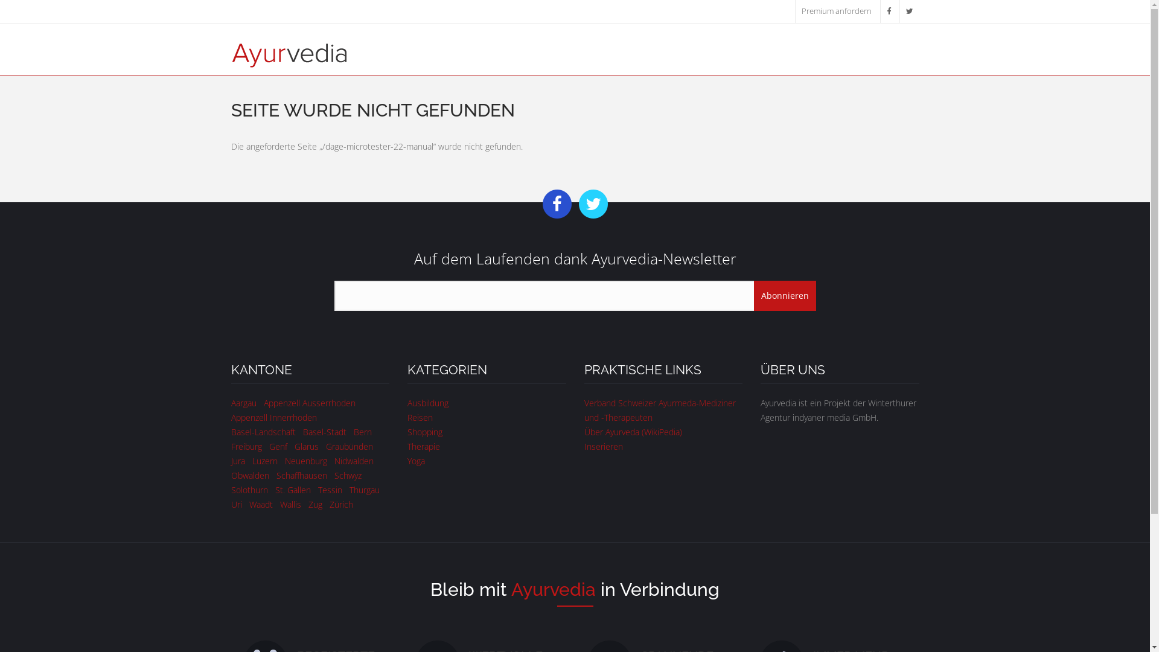 Image resolution: width=1159 pixels, height=652 pixels. I want to click on 'Neuenburg', so click(306, 461).